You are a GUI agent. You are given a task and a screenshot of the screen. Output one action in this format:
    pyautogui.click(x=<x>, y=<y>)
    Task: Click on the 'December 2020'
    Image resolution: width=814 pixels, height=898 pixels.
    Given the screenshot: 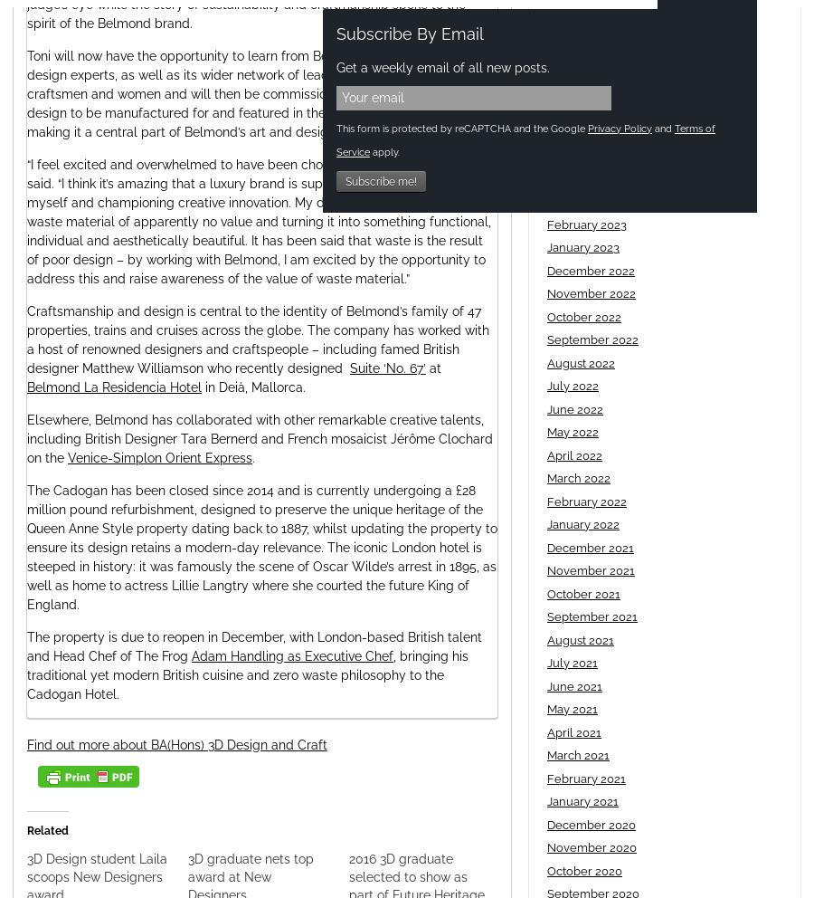 What is the action you would take?
    pyautogui.click(x=546, y=823)
    